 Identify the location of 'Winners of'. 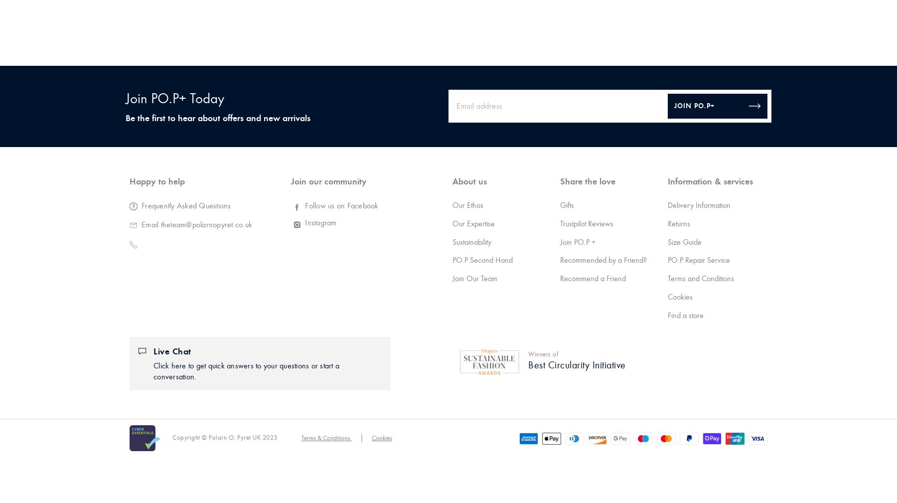
(543, 354).